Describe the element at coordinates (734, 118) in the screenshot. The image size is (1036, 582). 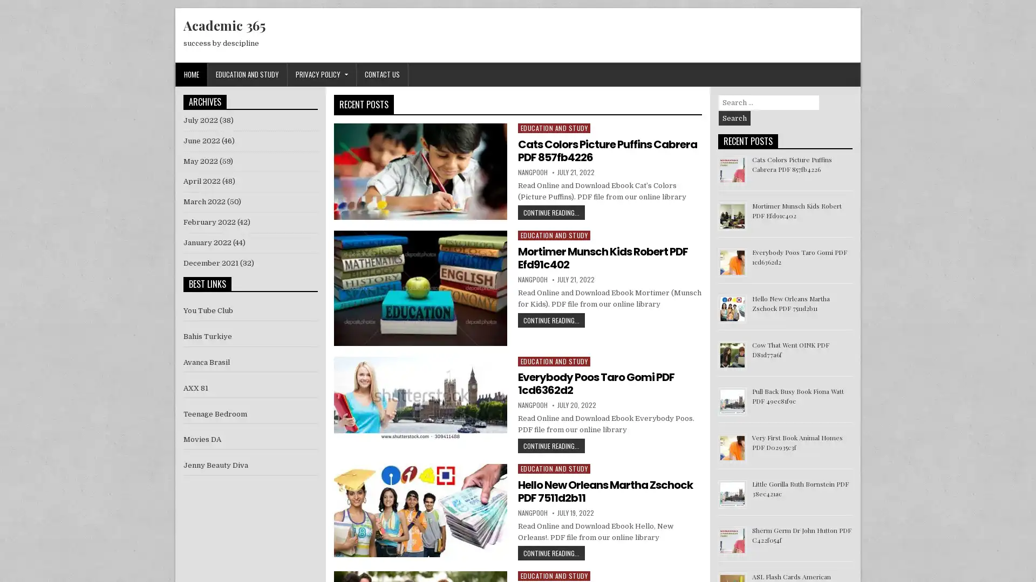
I see `Search` at that location.